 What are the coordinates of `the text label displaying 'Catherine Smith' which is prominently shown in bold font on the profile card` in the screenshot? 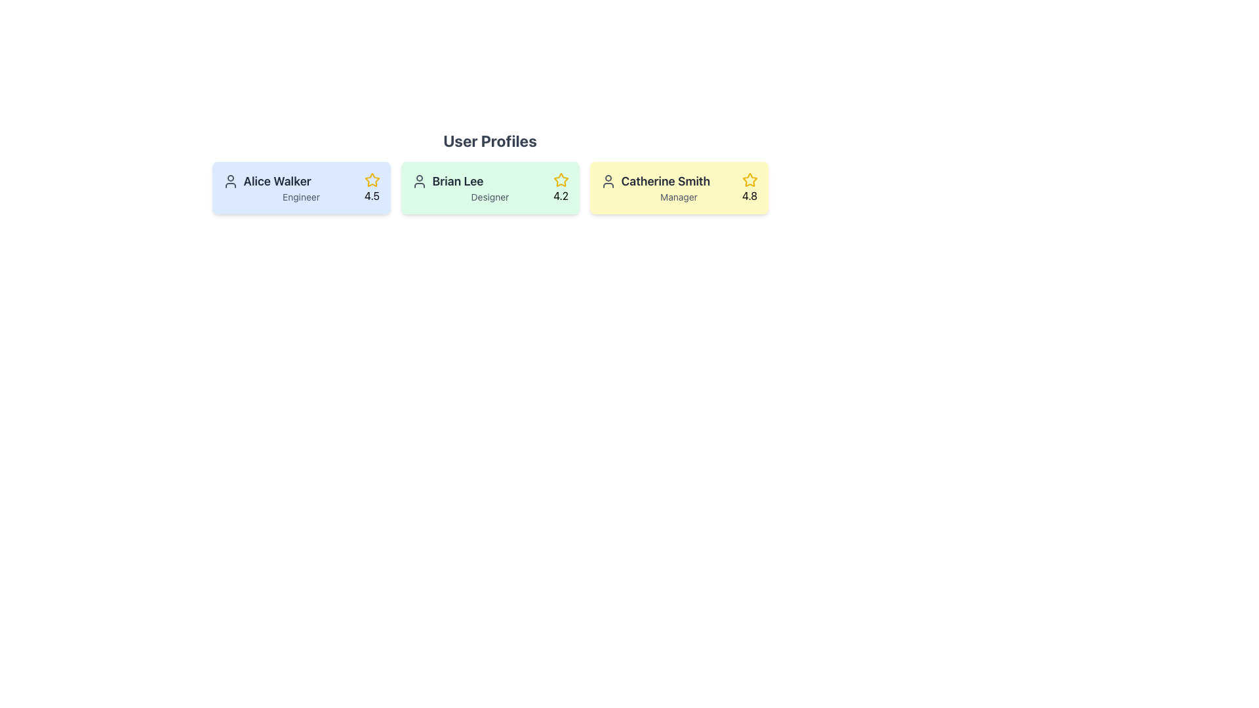 It's located at (679, 182).